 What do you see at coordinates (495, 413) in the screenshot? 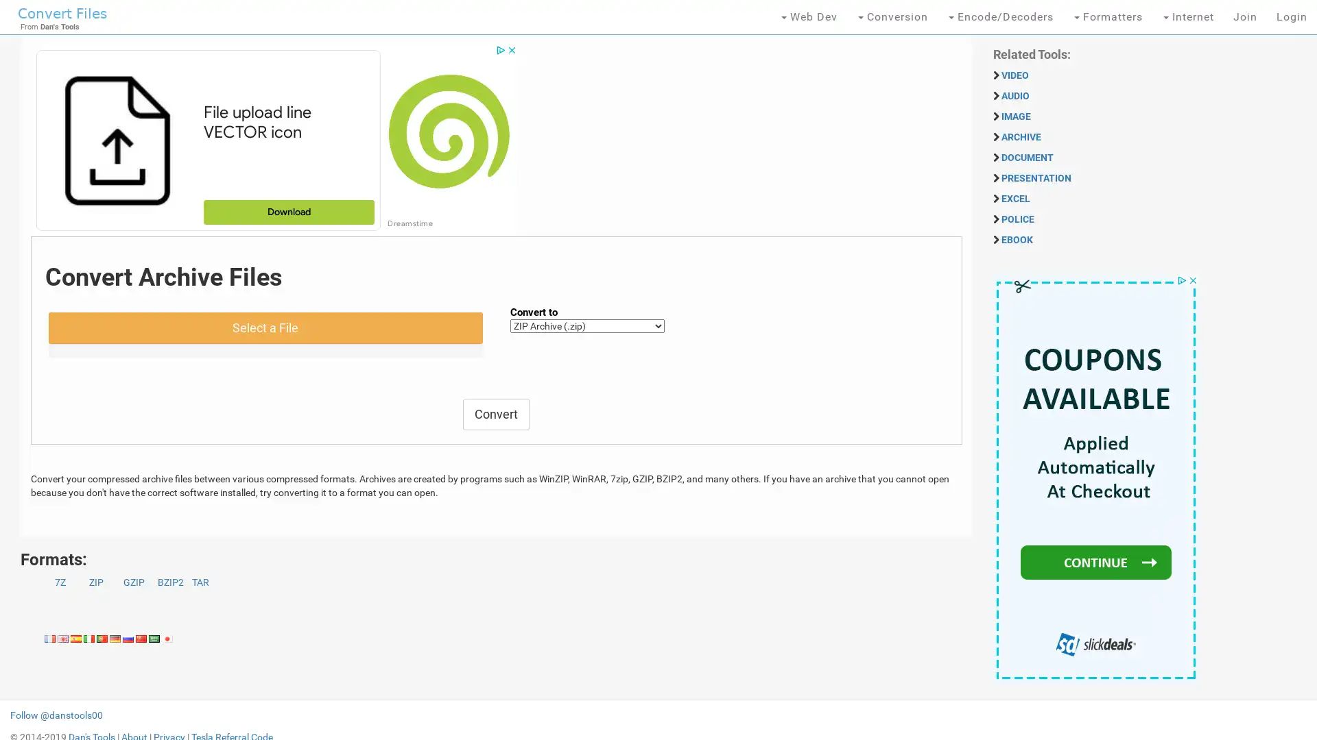
I see `Convert` at bounding box center [495, 413].